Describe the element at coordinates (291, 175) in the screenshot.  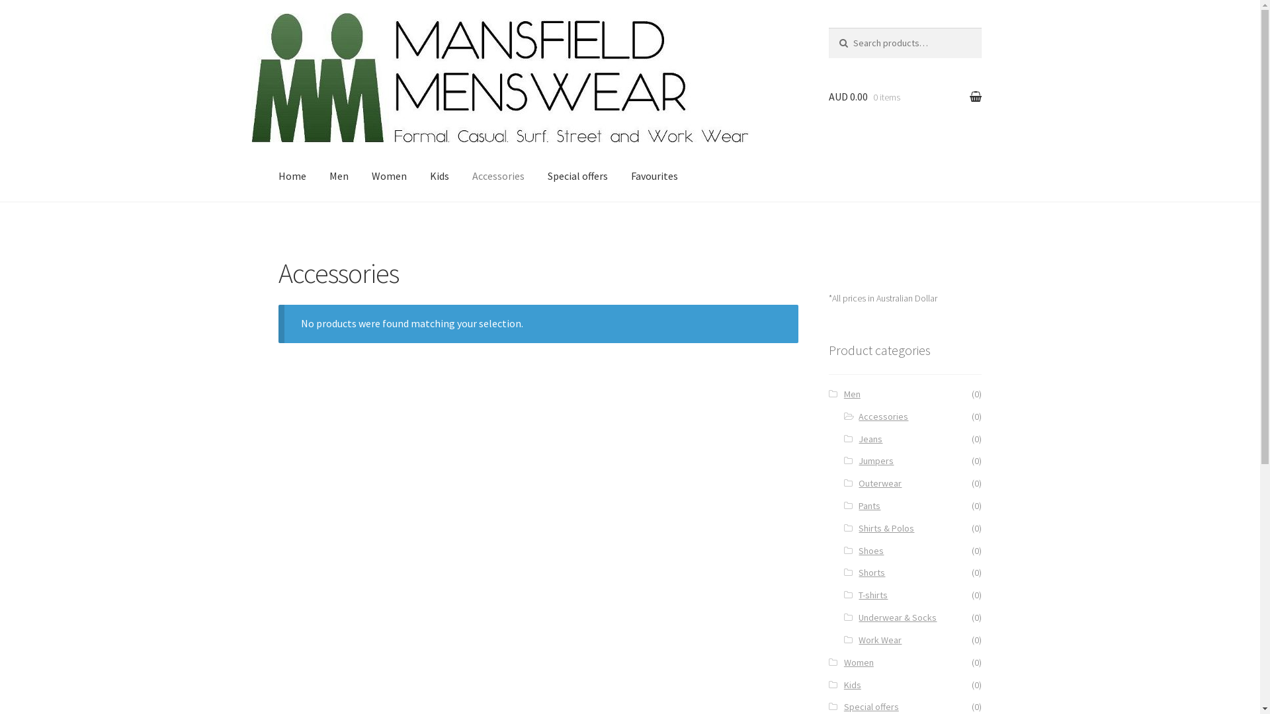
I see `'Home'` at that location.